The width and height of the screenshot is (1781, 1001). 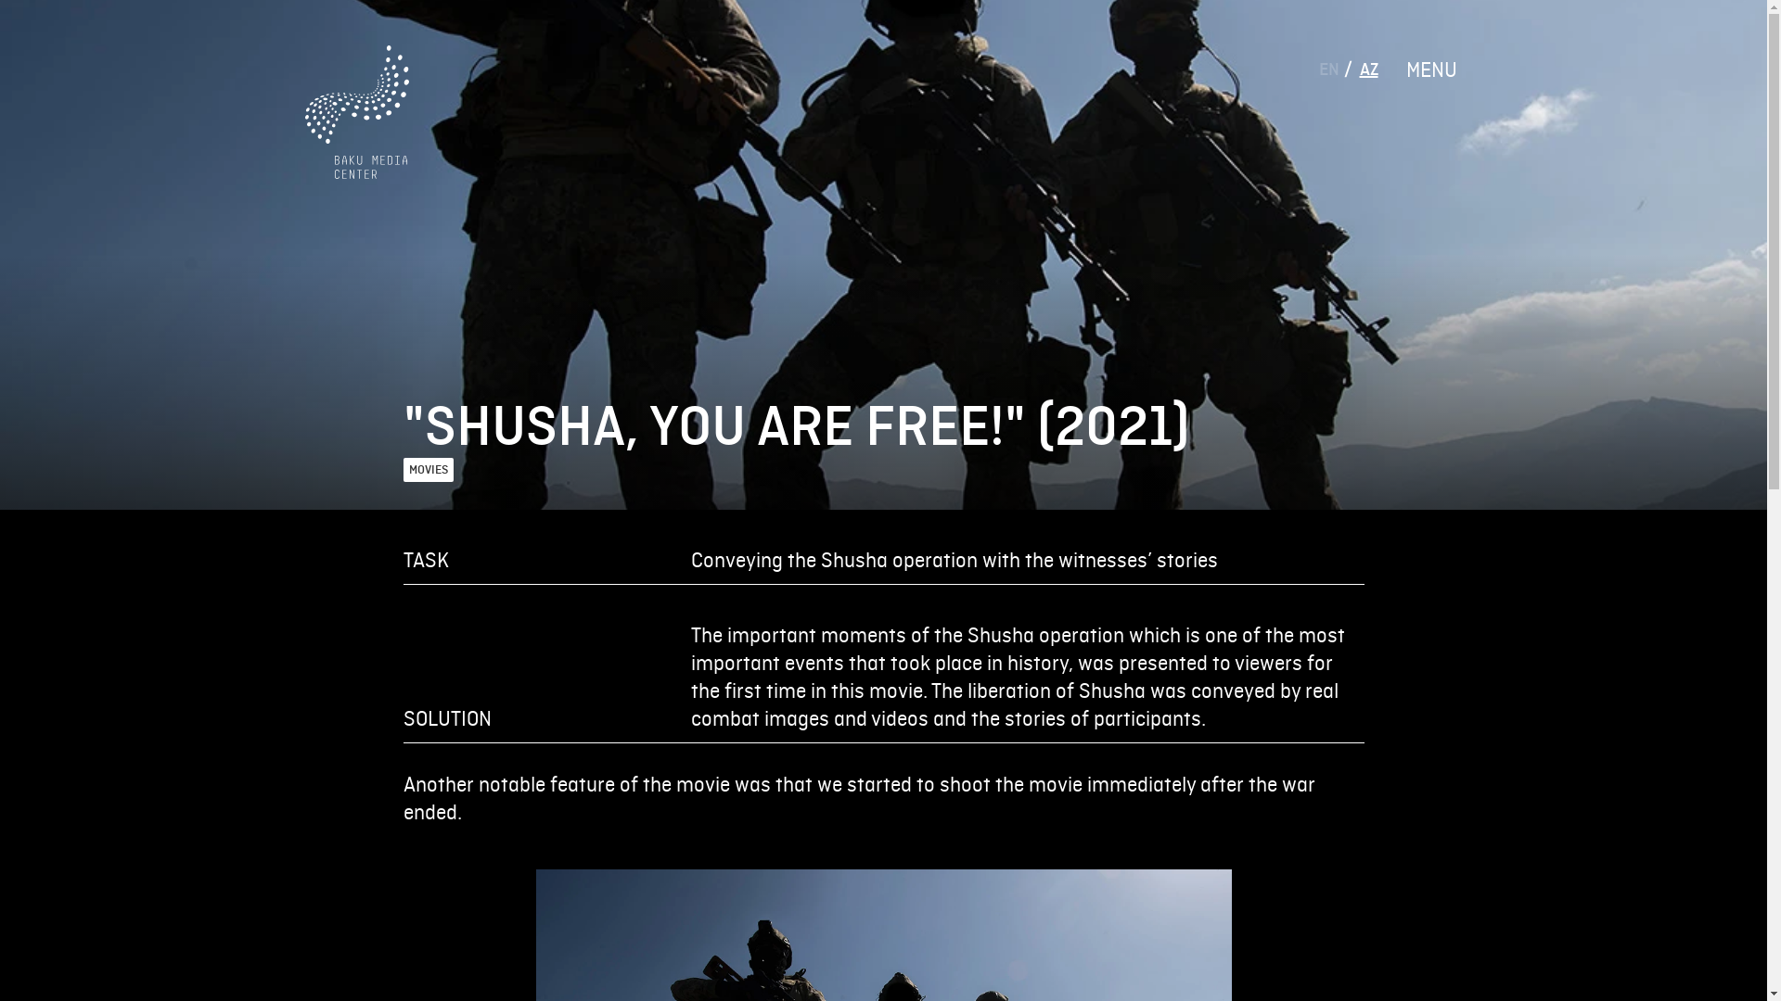 I want to click on 'AZ', so click(x=1359, y=68).